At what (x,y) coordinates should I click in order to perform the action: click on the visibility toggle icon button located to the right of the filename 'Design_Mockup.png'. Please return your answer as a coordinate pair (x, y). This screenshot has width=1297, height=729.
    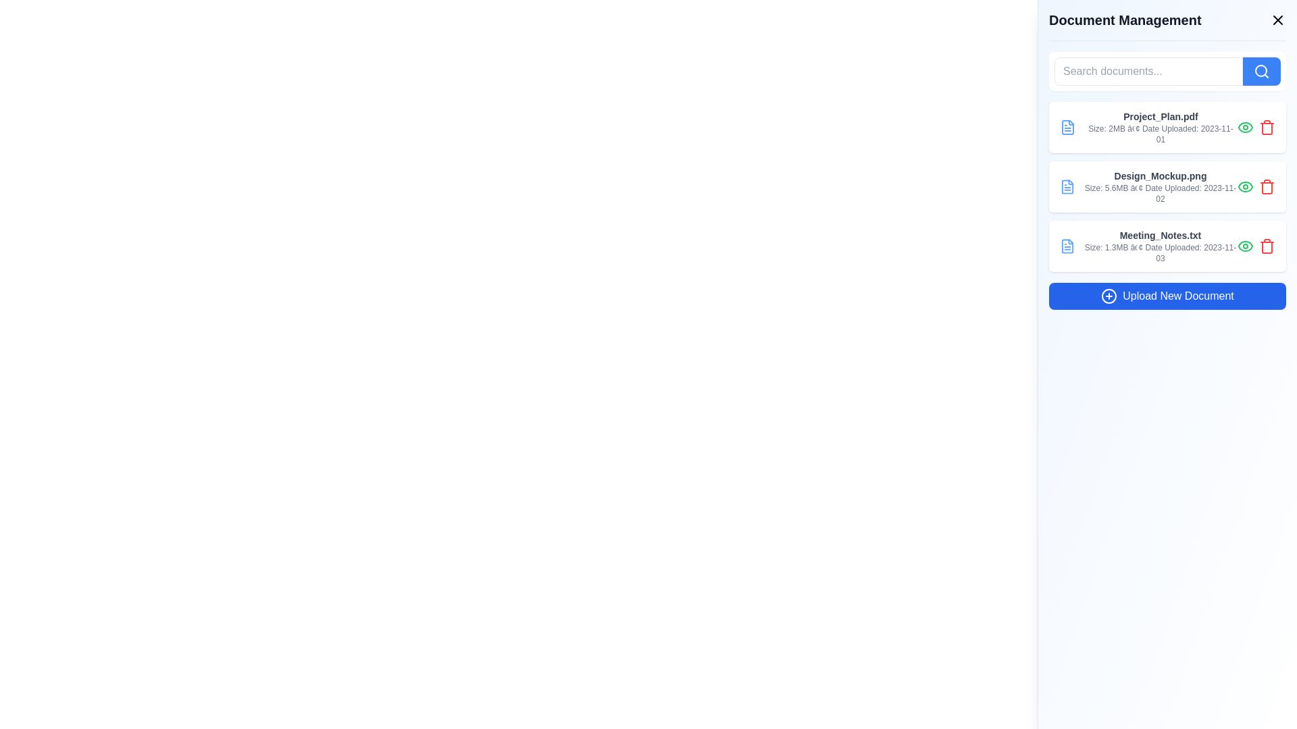
    Looking at the image, I should click on (1244, 187).